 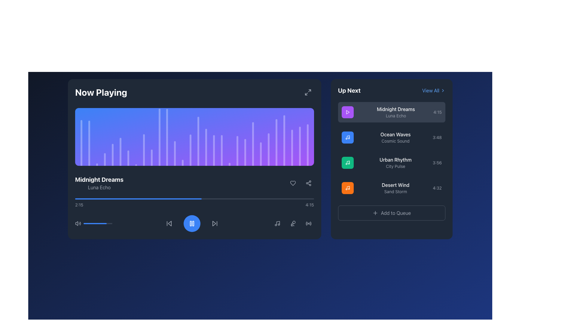 I want to click on the slider, so click(x=98, y=224).